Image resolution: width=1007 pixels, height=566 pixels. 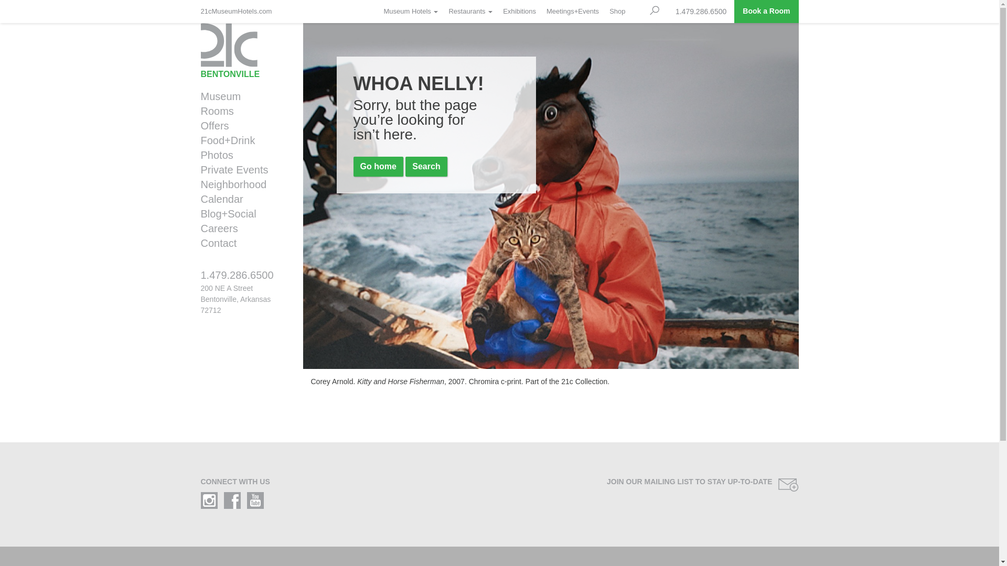 What do you see at coordinates (240, 96) in the screenshot?
I see `'Museum'` at bounding box center [240, 96].